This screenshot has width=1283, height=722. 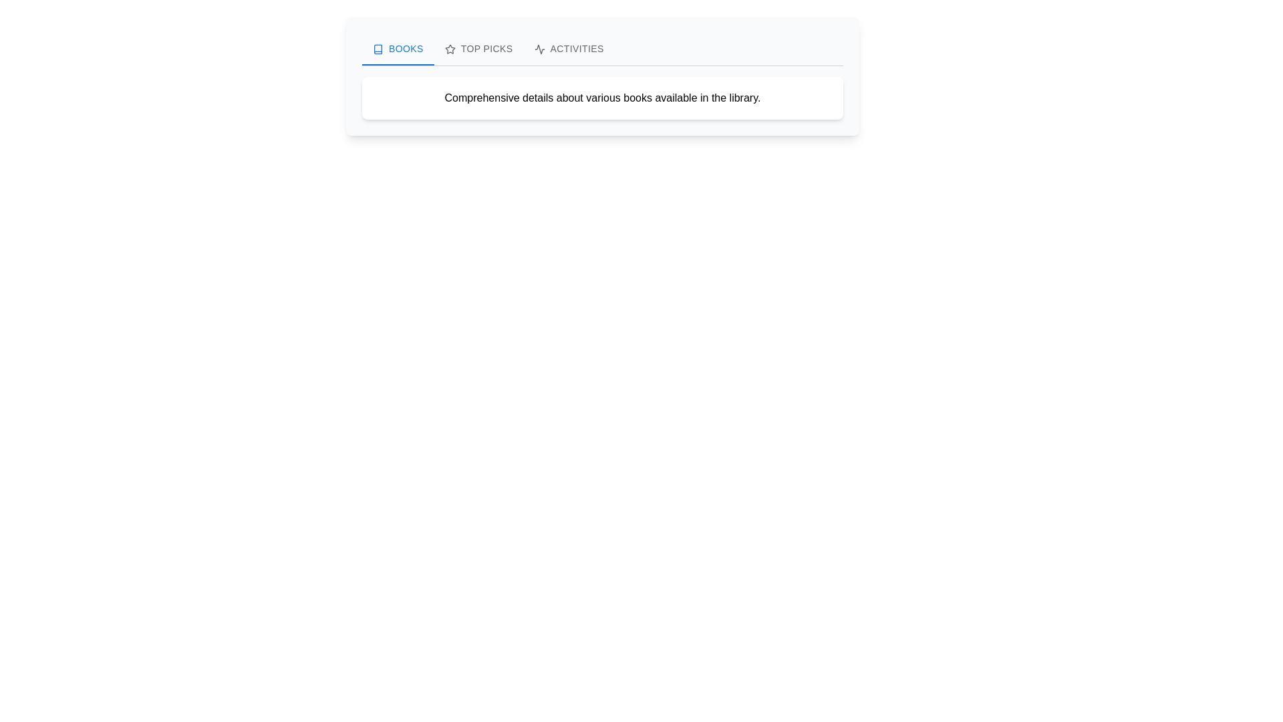 What do you see at coordinates (478, 48) in the screenshot?
I see `the 'Top Picks' tab, which features a star icon on the left and text in uppercase sans-serif font` at bounding box center [478, 48].